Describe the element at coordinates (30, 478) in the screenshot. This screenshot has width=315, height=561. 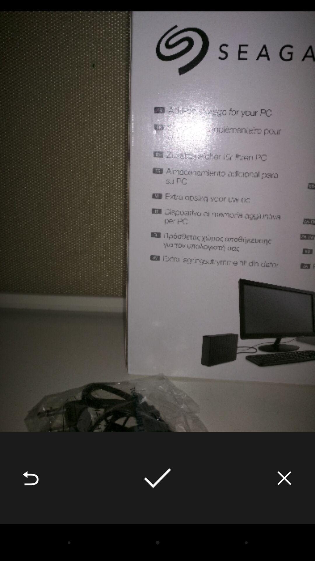
I see `the item at the bottom left corner` at that location.